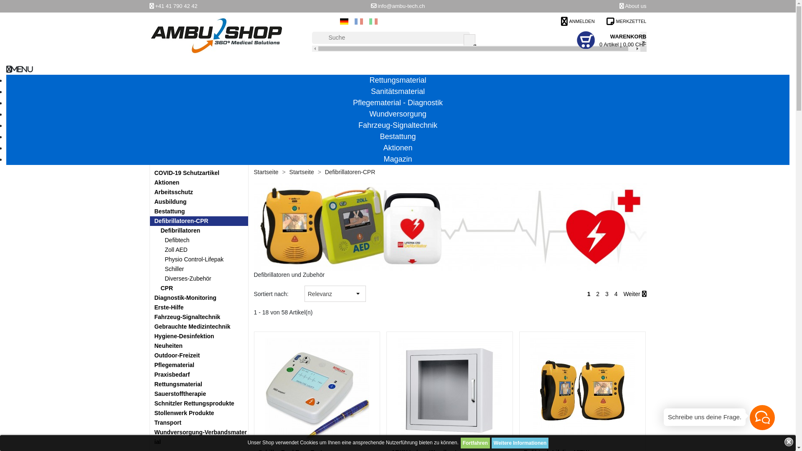 This screenshot has height=451, width=802. I want to click on '3', so click(607, 294).